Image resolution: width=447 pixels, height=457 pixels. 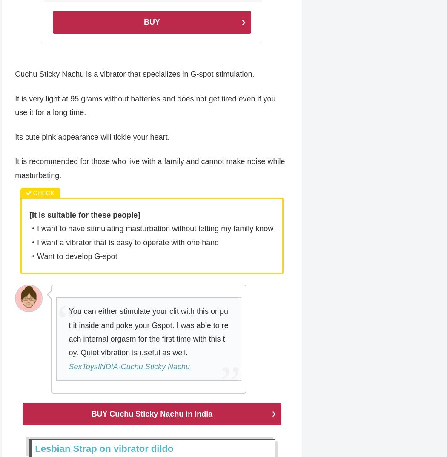 I want to click on 'You can either stimulate your clit with this or put it inside and poke your Gspot. I was able to reach internal orgasm for the first time with this toy. Quiet vibration is useful as well.', so click(x=148, y=333).